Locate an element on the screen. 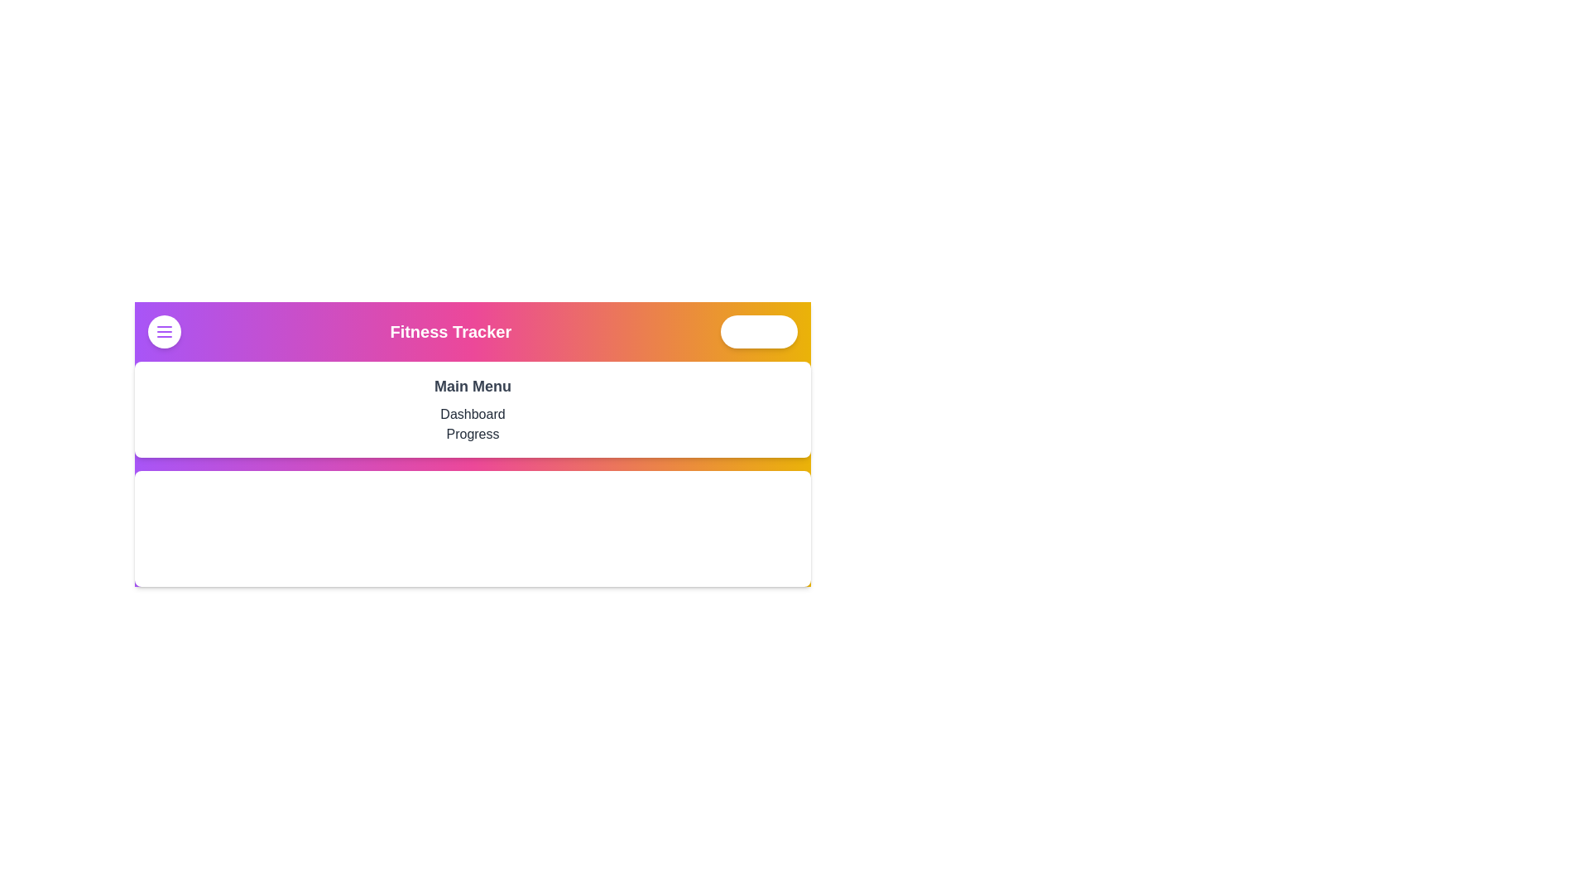  the menu item Dashboard is located at coordinates (472, 414).